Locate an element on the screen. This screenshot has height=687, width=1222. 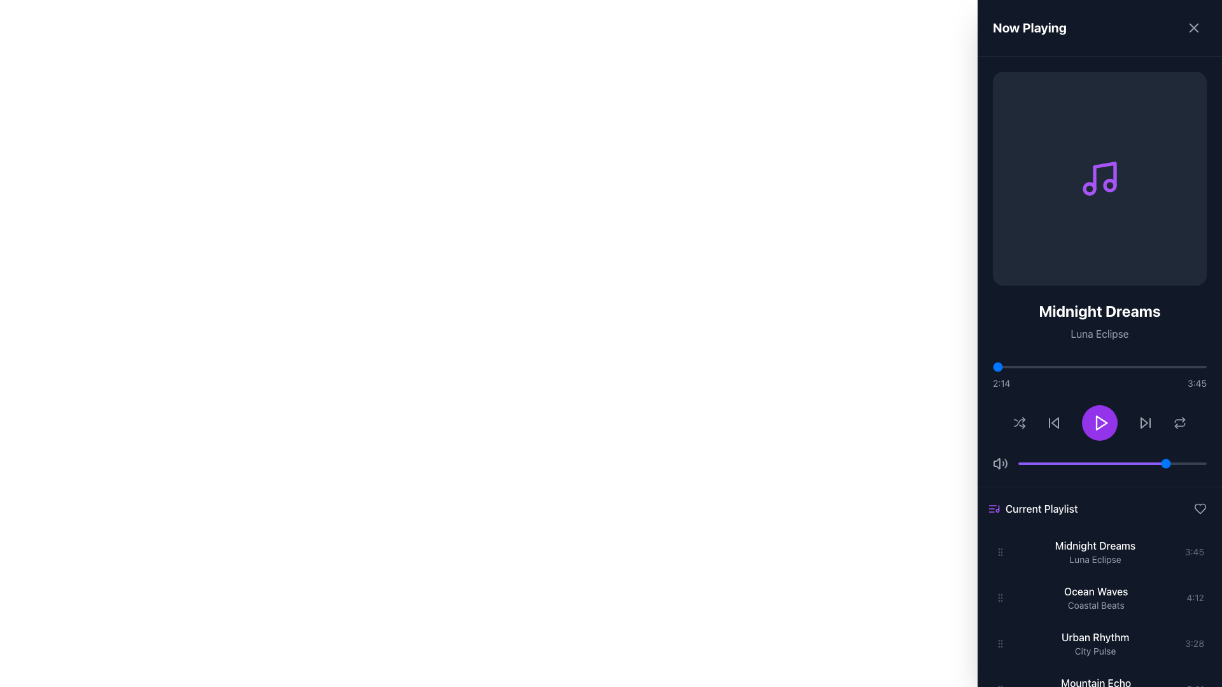
text label displaying the time '2:14', which is located to the left of the progress bar and indicates the current playback time is located at coordinates (1001, 382).